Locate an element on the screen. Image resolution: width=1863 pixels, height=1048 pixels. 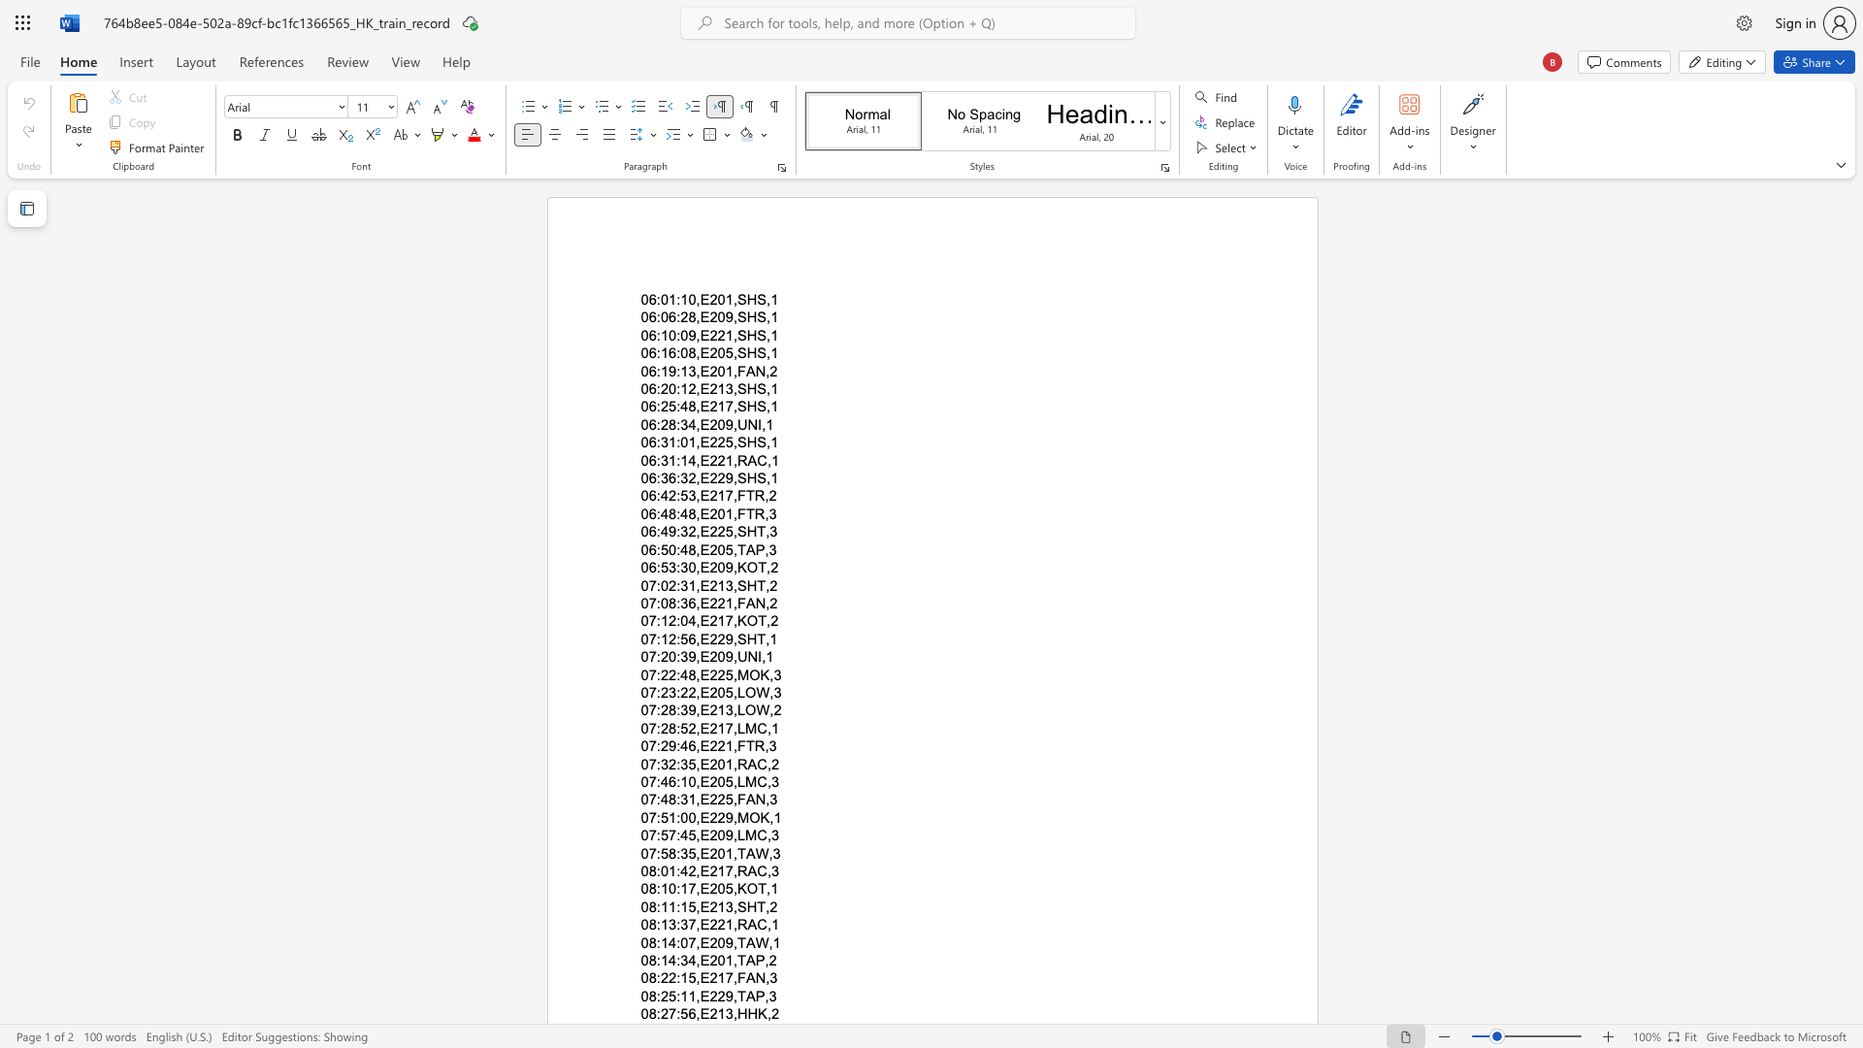
the space between the continuous character "3" and "0" in the text is located at coordinates (688, 568).